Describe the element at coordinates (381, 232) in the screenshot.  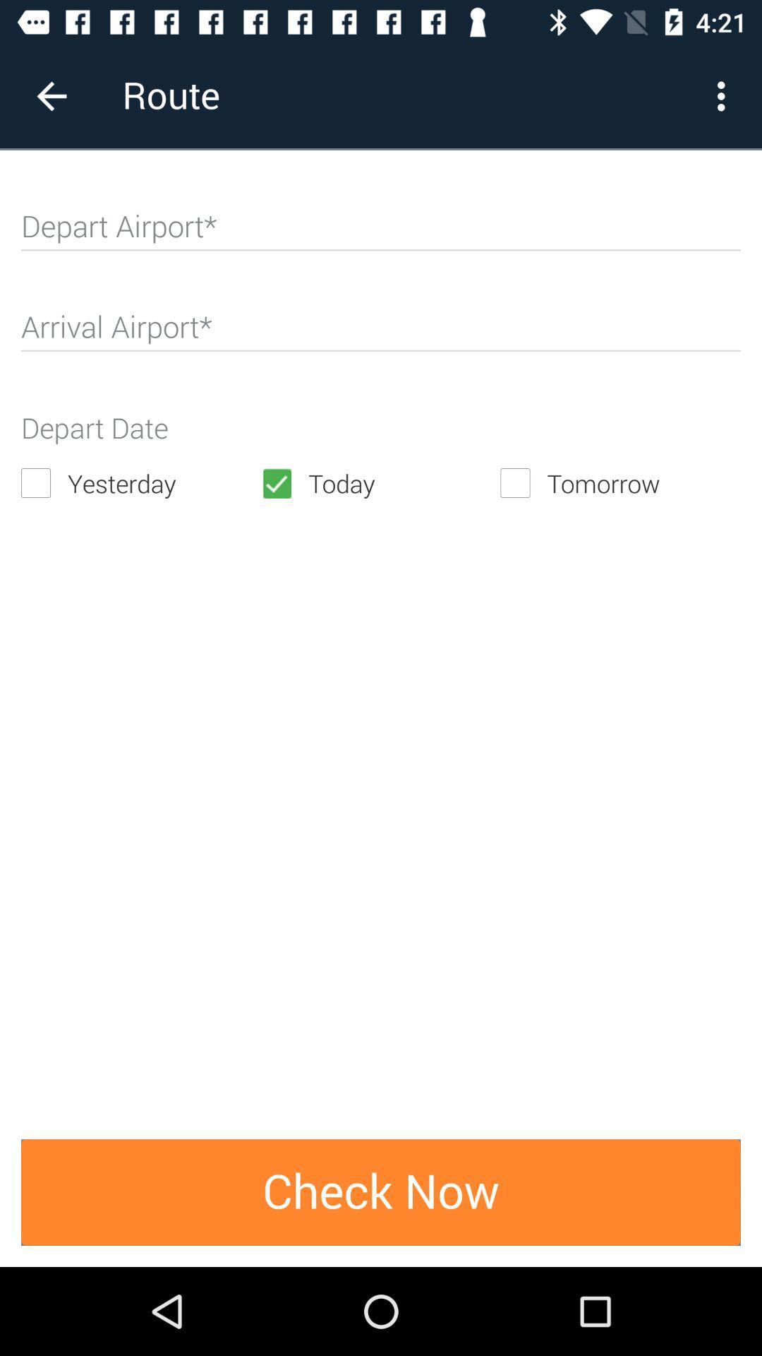
I see `route start` at that location.